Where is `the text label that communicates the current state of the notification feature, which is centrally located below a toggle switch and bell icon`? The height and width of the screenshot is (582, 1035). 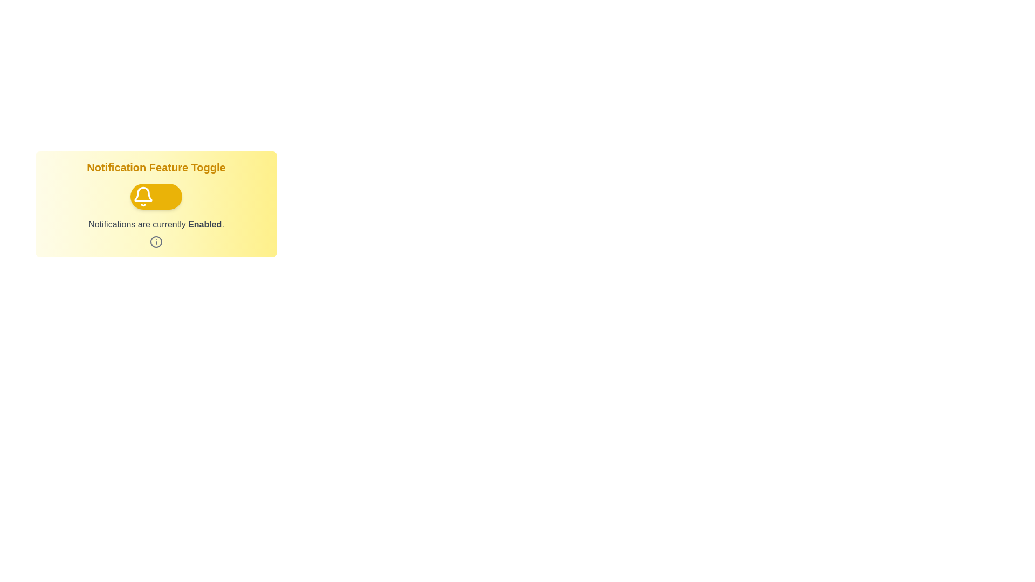
the text label that communicates the current state of the notification feature, which is centrally located below a toggle switch and bell icon is located at coordinates (155, 224).